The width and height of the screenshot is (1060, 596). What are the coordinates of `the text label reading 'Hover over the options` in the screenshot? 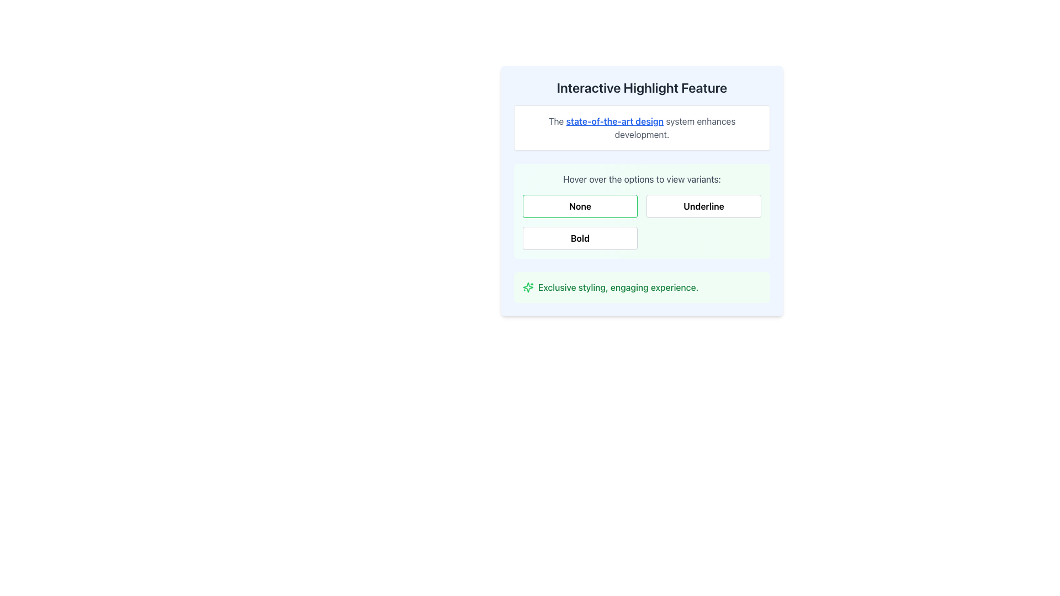 It's located at (642, 178).